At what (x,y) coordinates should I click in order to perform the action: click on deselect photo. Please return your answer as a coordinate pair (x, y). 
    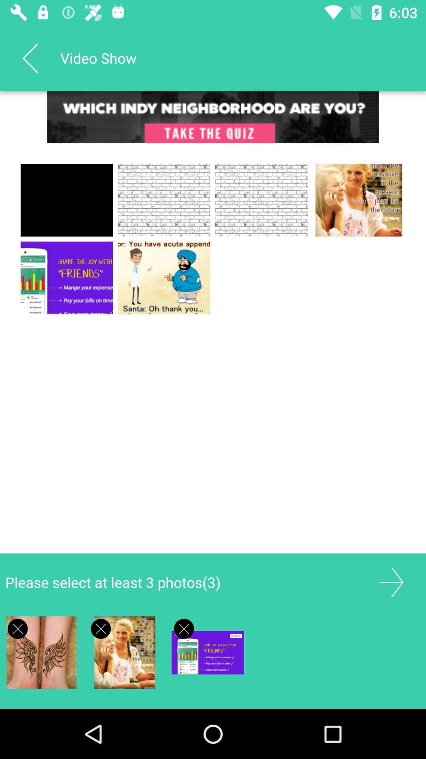
    Looking at the image, I should click on (18, 628).